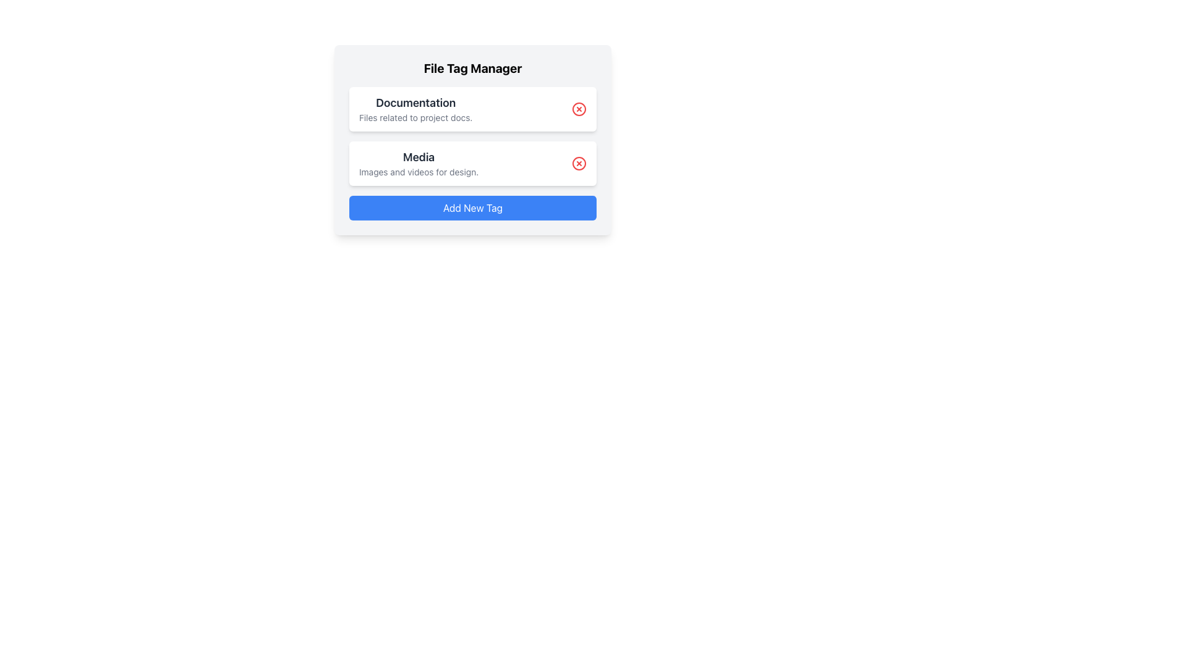  Describe the element at coordinates (578, 163) in the screenshot. I see `the delete icon button located on the right side of the 'Media' section to potentially open a context menu for removing the 'Media' tag or item` at that location.